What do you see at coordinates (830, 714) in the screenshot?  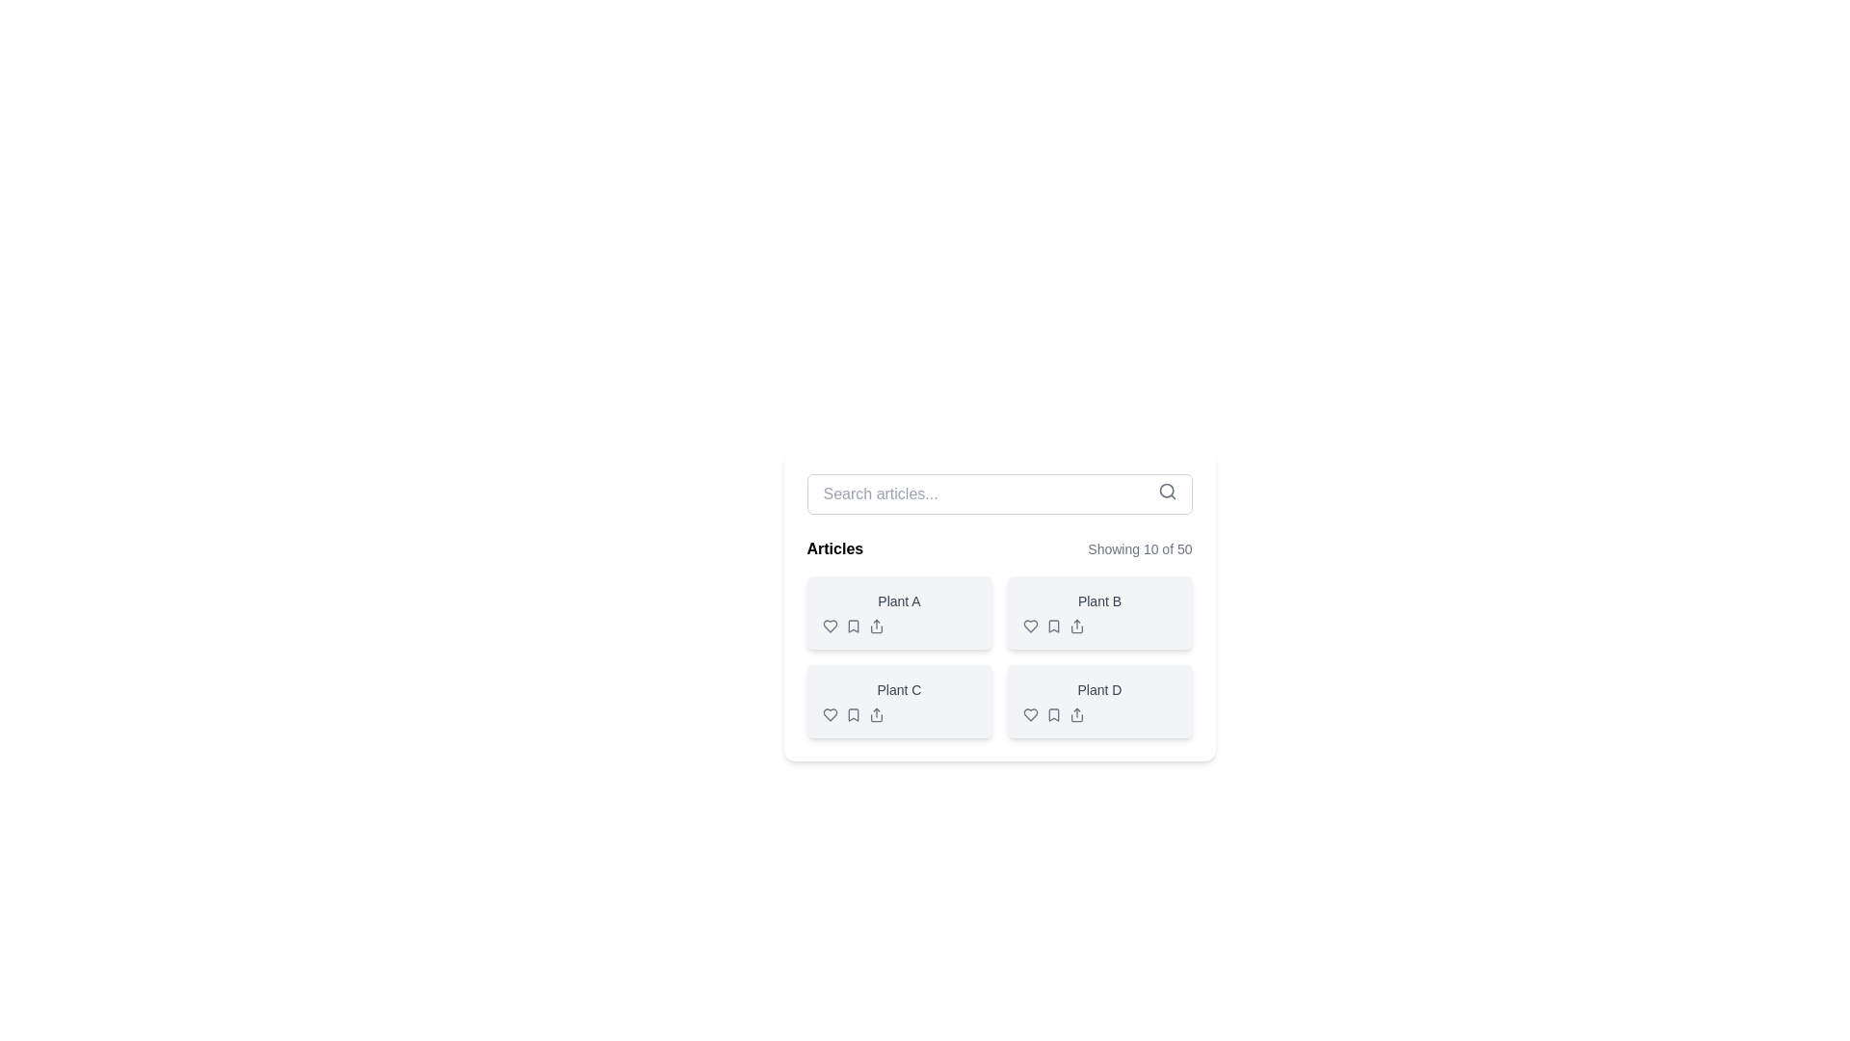 I see `the heart-shaped icon located in the bottom-left corner of the card labeled 'Plant C', which is part of the interactive icons in the grid layout under the 'Articles' section` at bounding box center [830, 714].